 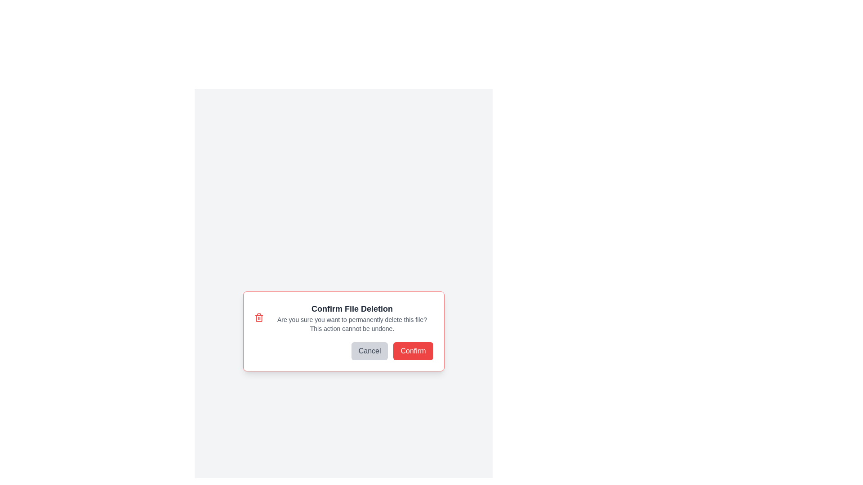 What do you see at coordinates (351, 324) in the screenshot?
I see `static text that warns the user about permanently deleting a file, which is styled in small gray font and located directly below 'Confirm File Deletion'` at bounding box center [351, 324].